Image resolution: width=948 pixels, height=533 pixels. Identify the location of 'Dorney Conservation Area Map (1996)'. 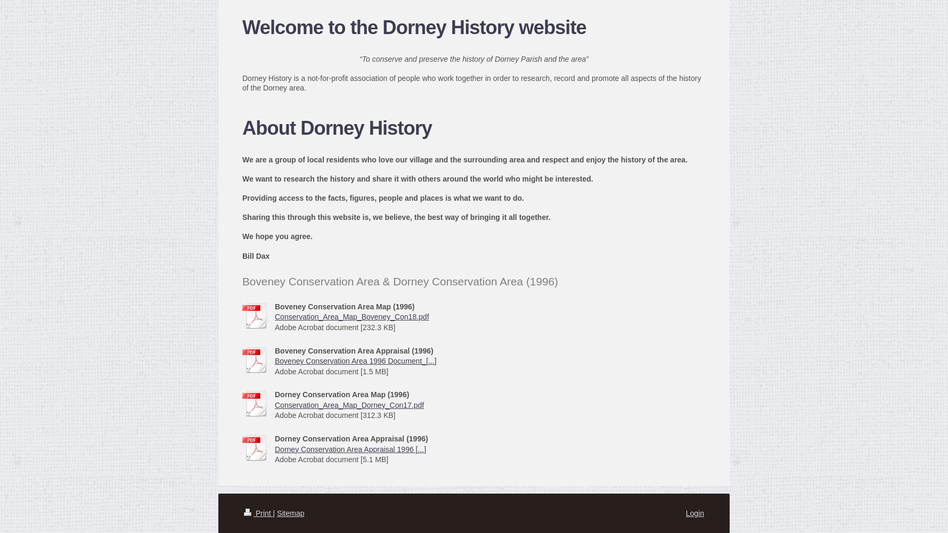
(342, 395).